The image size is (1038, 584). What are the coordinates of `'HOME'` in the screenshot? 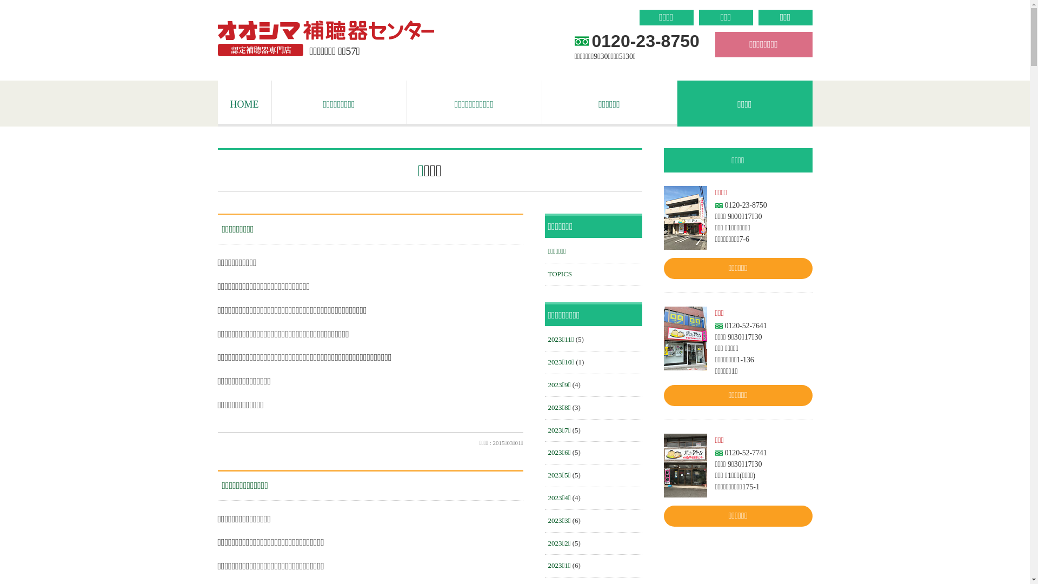 It's located at (243, 103).